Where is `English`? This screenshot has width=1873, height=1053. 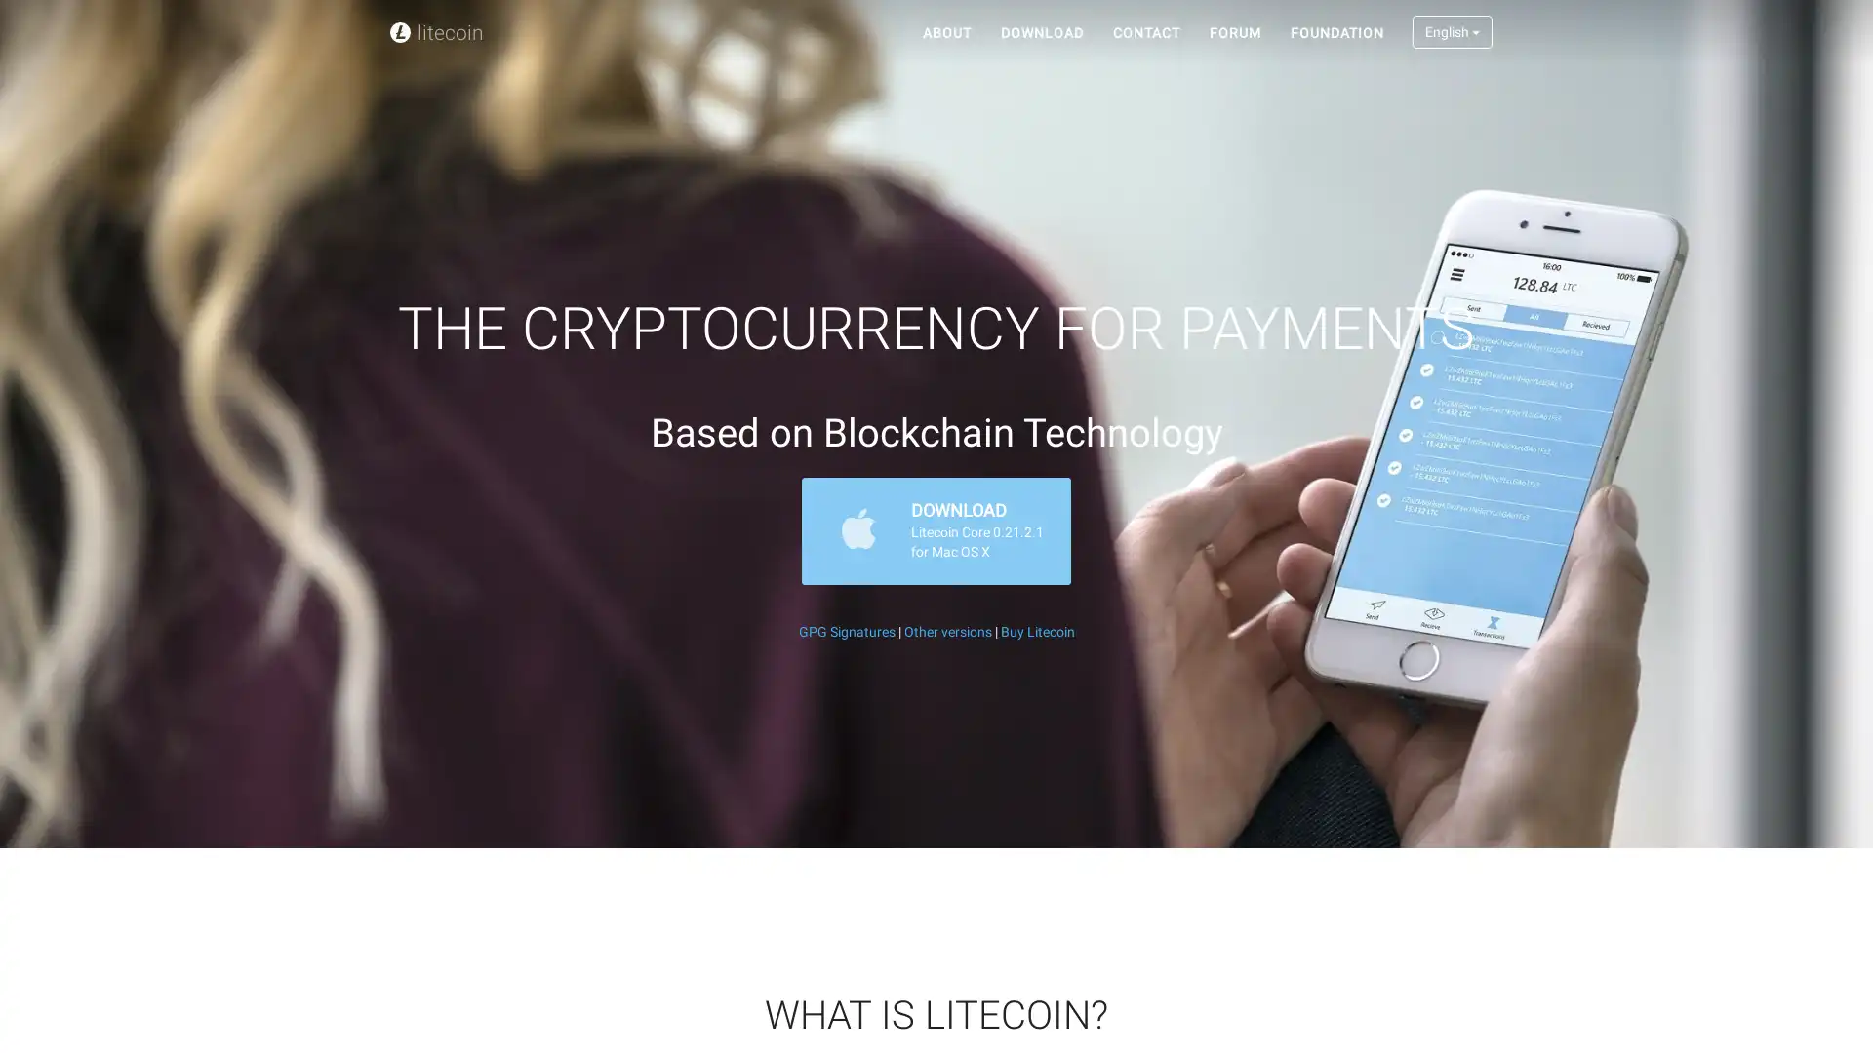
English is located at coordinates (1452, 47).